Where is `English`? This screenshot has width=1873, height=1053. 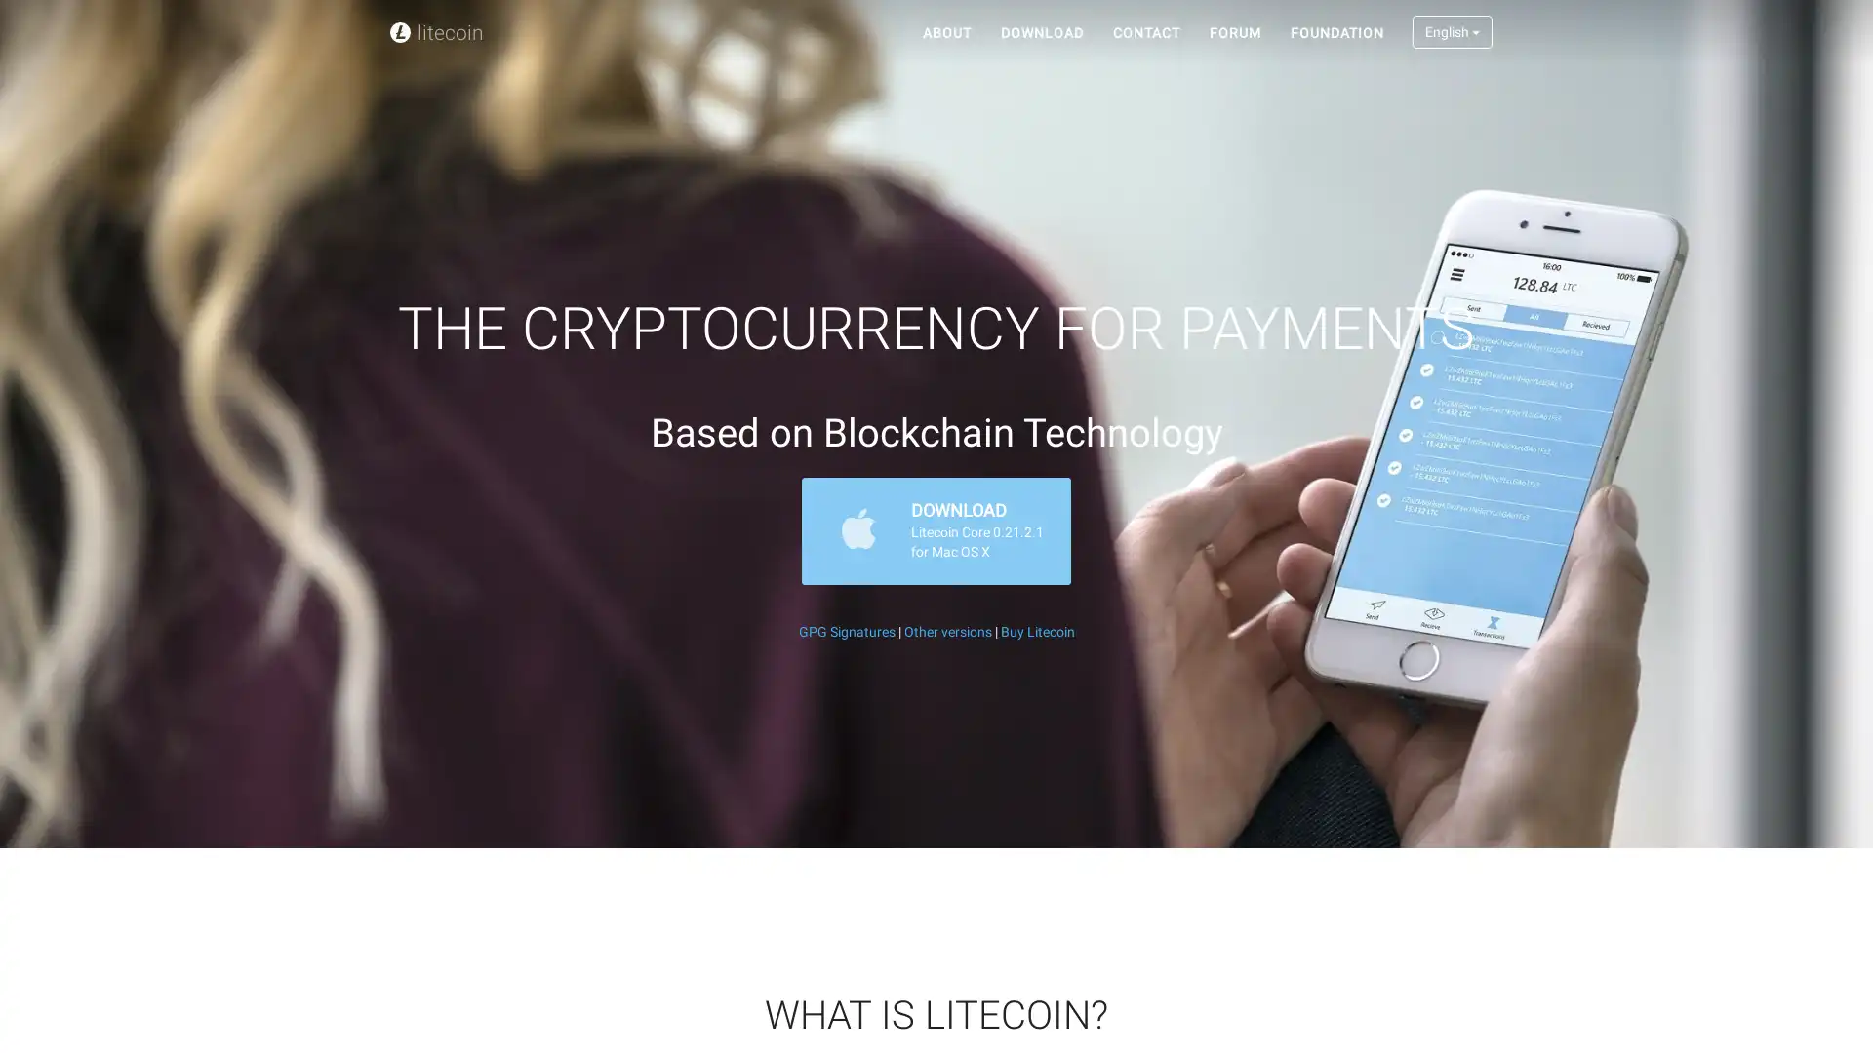
English is located at coordinates (1452, 47).